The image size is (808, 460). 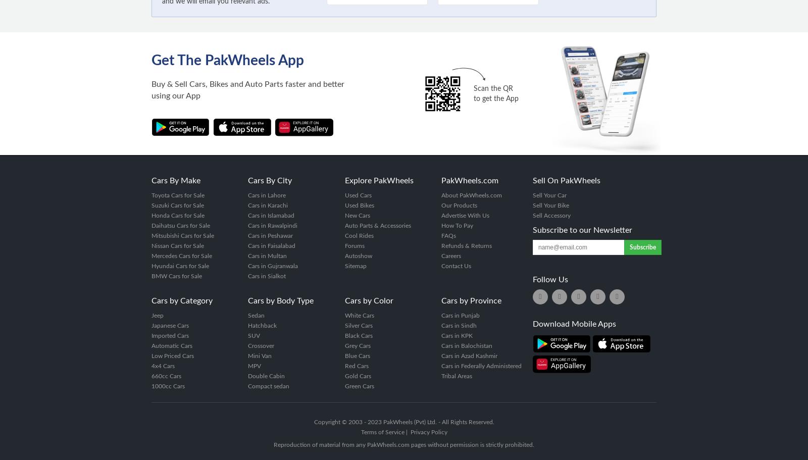 What do you see at coordinates (273, 444) in the screenshot?
I see `'Reproduction of material from any PakWheels.com pages without permission is strictly prohibited.'` at bounding box center [273, 444].